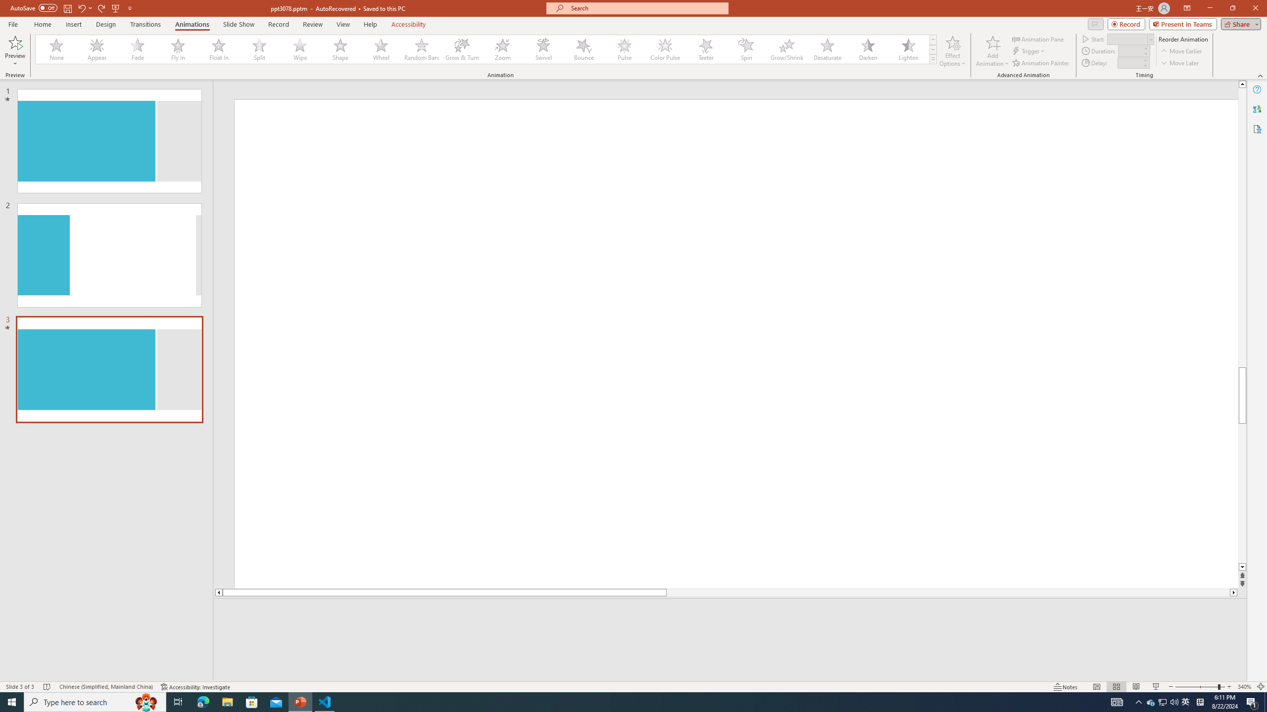 The image size is (1267, 712). Describe the element at coordinates (1029, 51) in the screenshot. I see `'Trigger'` at that location.